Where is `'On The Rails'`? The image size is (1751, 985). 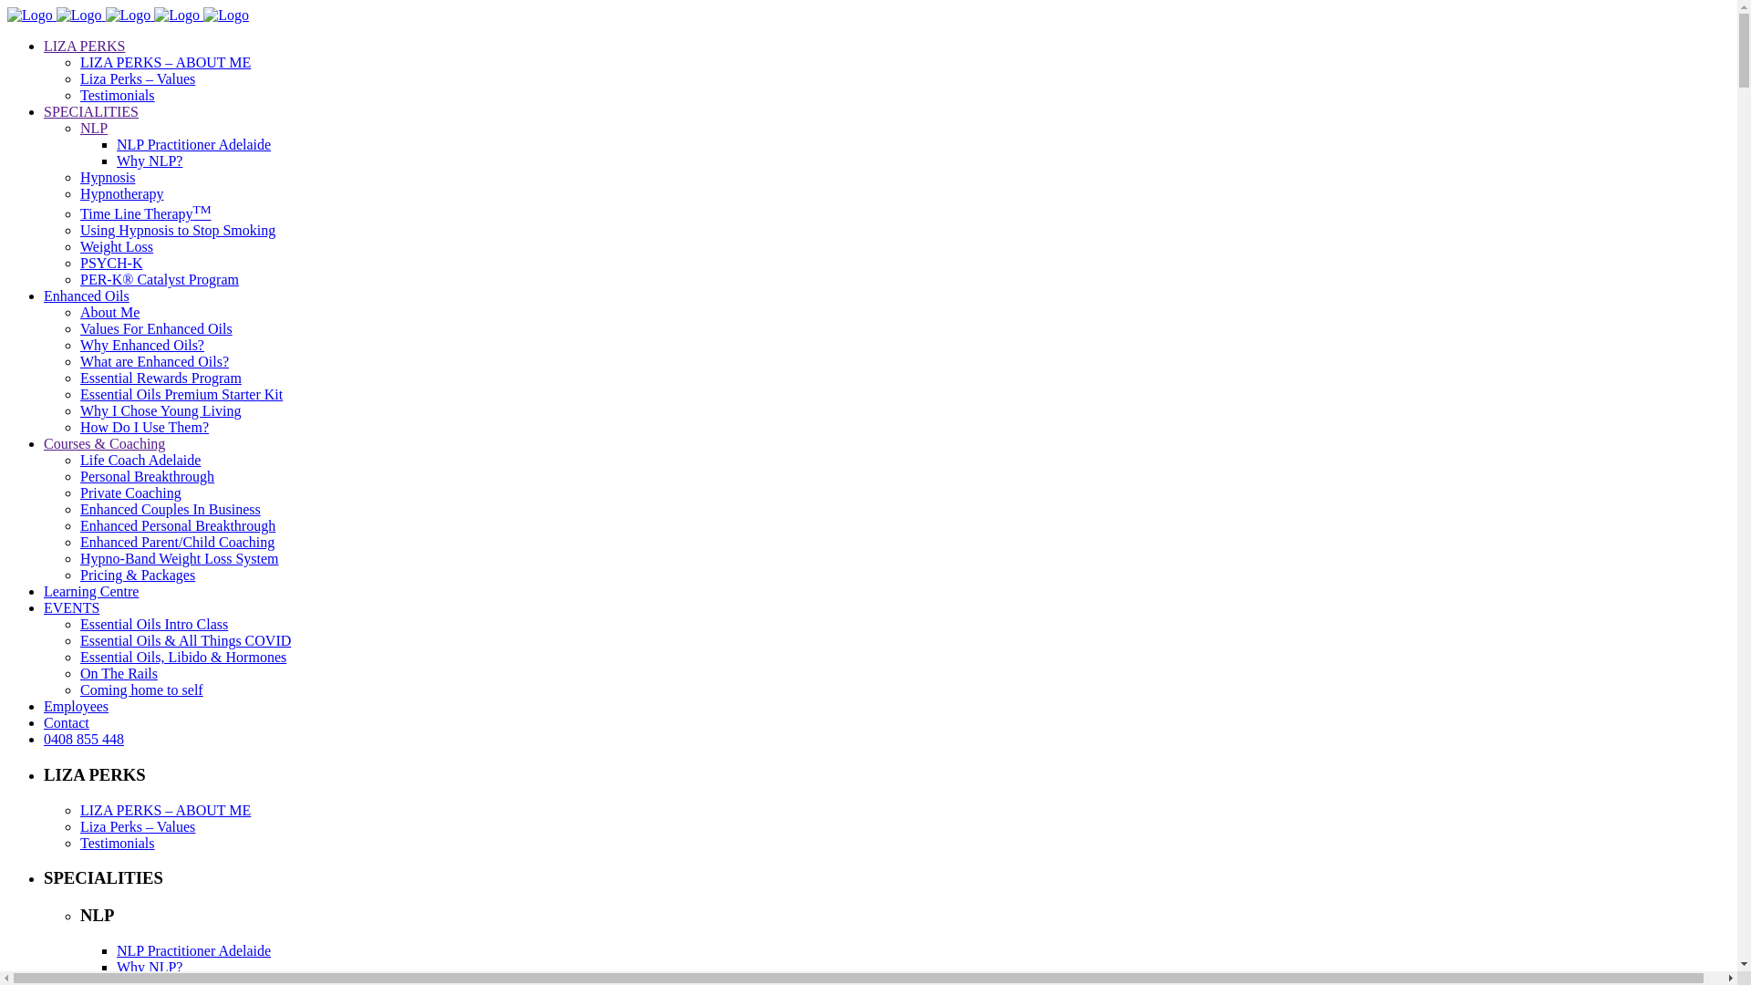
'On The Rails' is located at coordinates (78, 673).